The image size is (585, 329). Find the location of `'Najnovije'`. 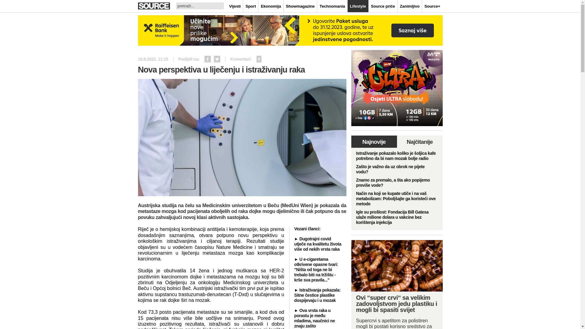

'Najnovije' is located at coordinates (374, 142).